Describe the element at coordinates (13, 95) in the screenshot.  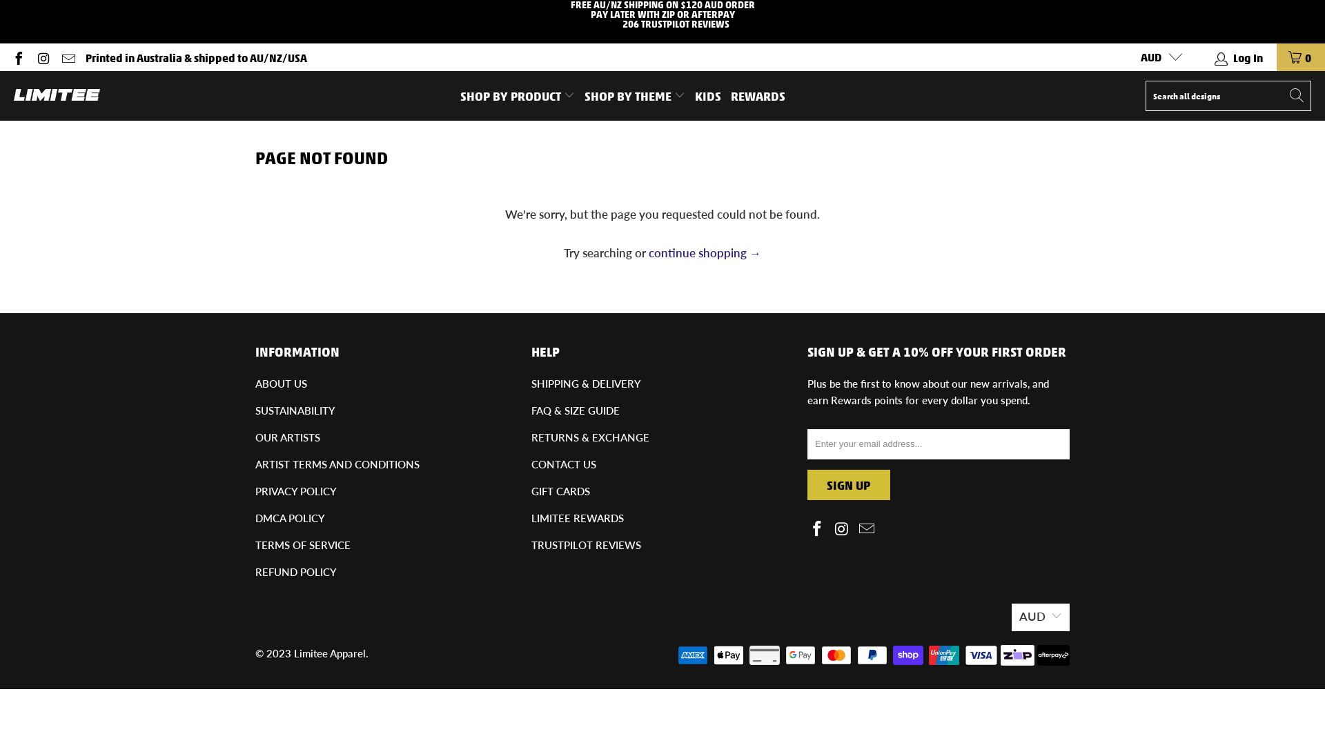
I see `'Limitee Apparel'` at that location.